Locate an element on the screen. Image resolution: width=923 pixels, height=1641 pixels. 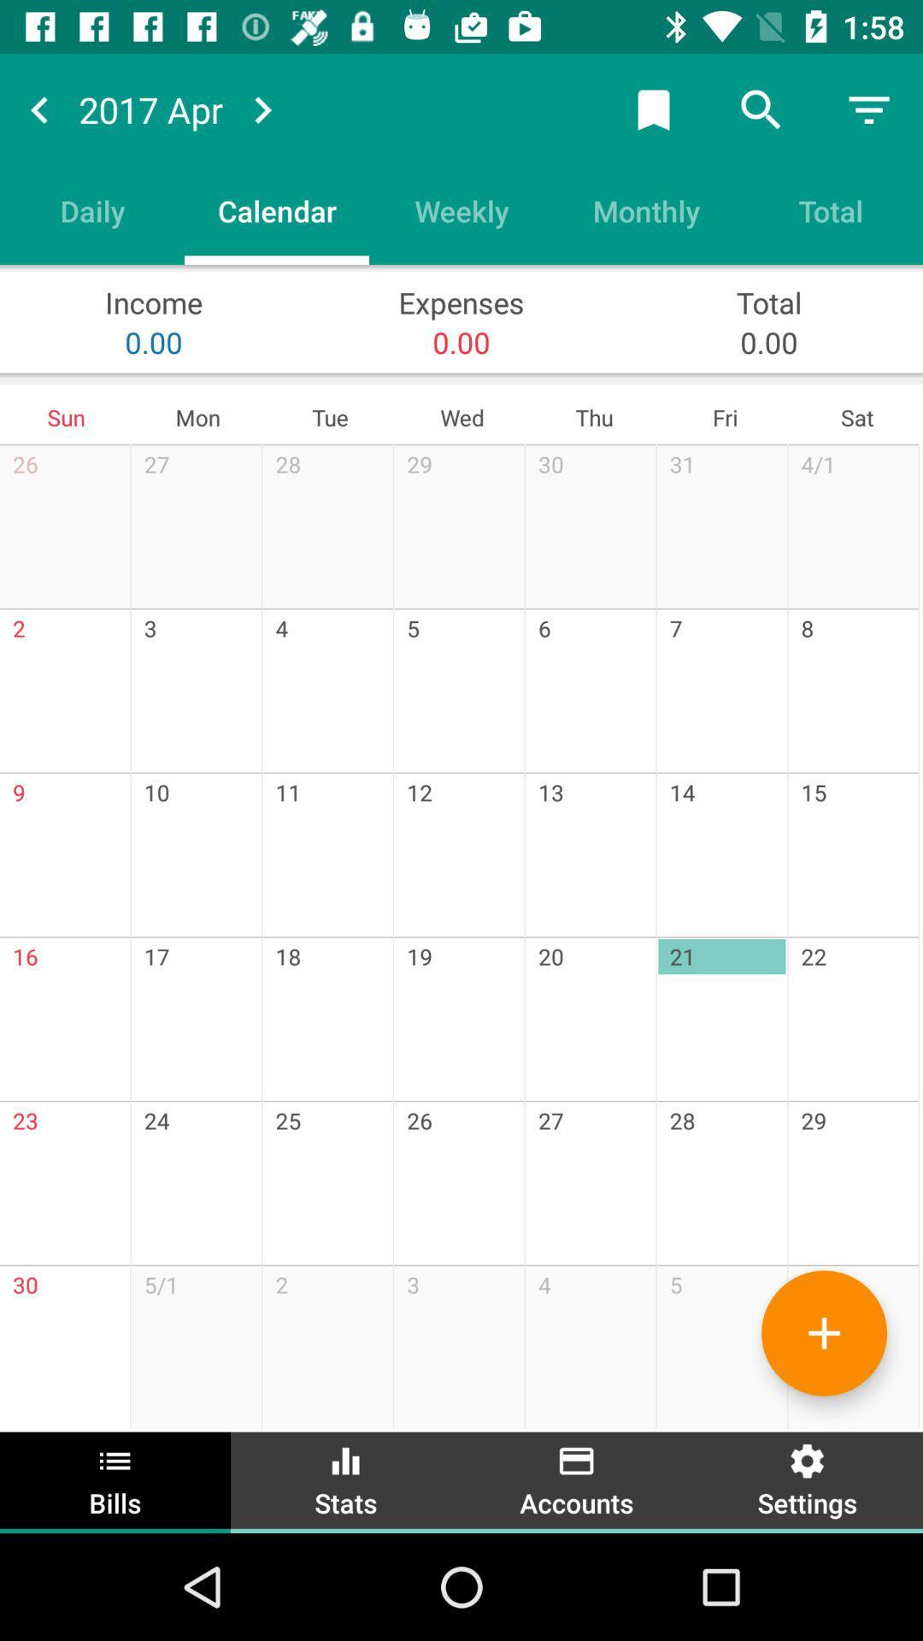
the item to the left of the total item is located at coordinates (646, 209).